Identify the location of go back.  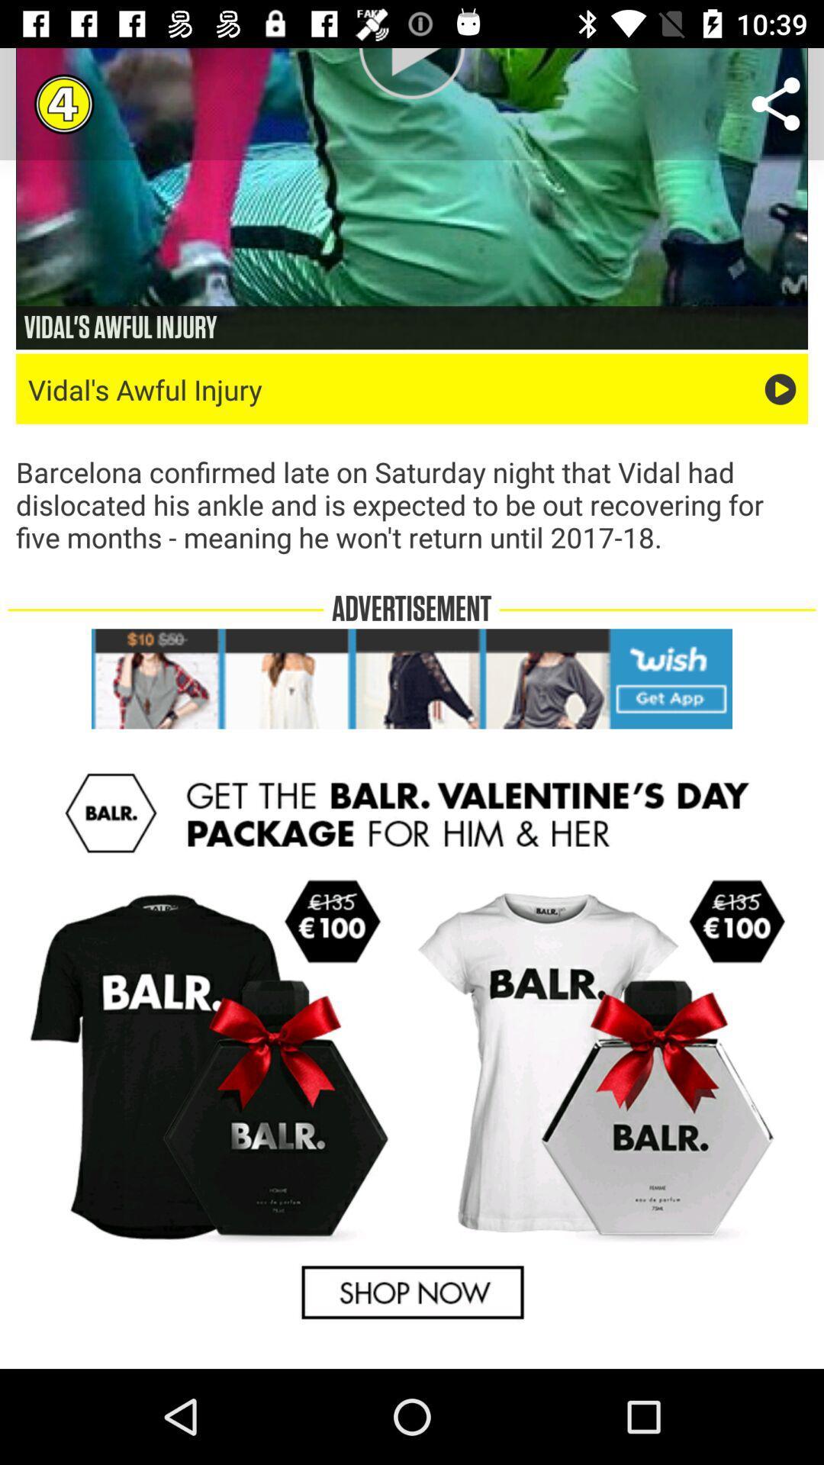
(412, 1046).